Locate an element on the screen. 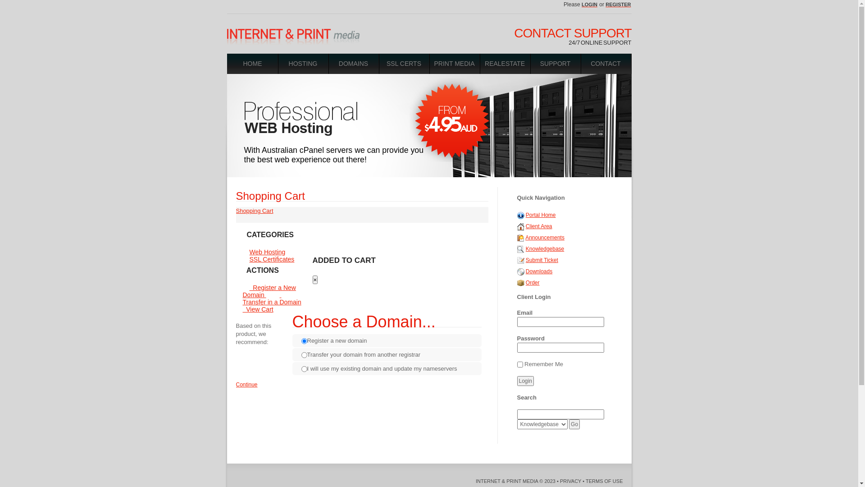 The width and height of the screenshot is (865, 487). 'Continue' is located at coordinates (236, 384).